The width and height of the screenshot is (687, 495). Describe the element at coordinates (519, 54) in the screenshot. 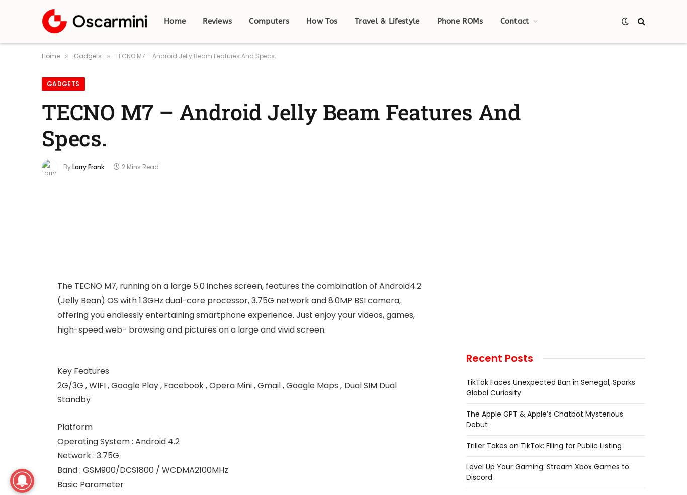

I see `'Advertise'` at that location.